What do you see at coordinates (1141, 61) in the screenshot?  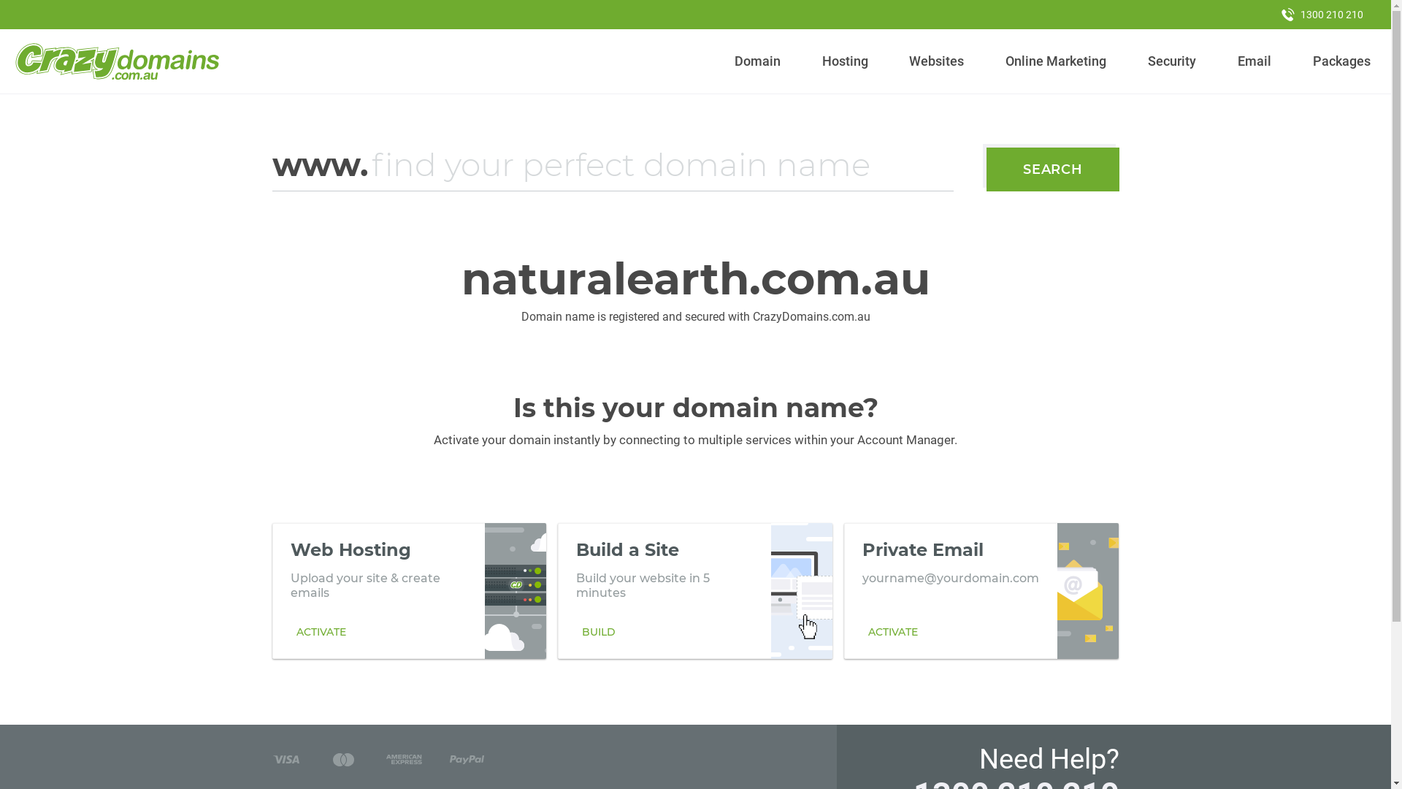 I see `'Security'` at bounding box center [1141, 61].